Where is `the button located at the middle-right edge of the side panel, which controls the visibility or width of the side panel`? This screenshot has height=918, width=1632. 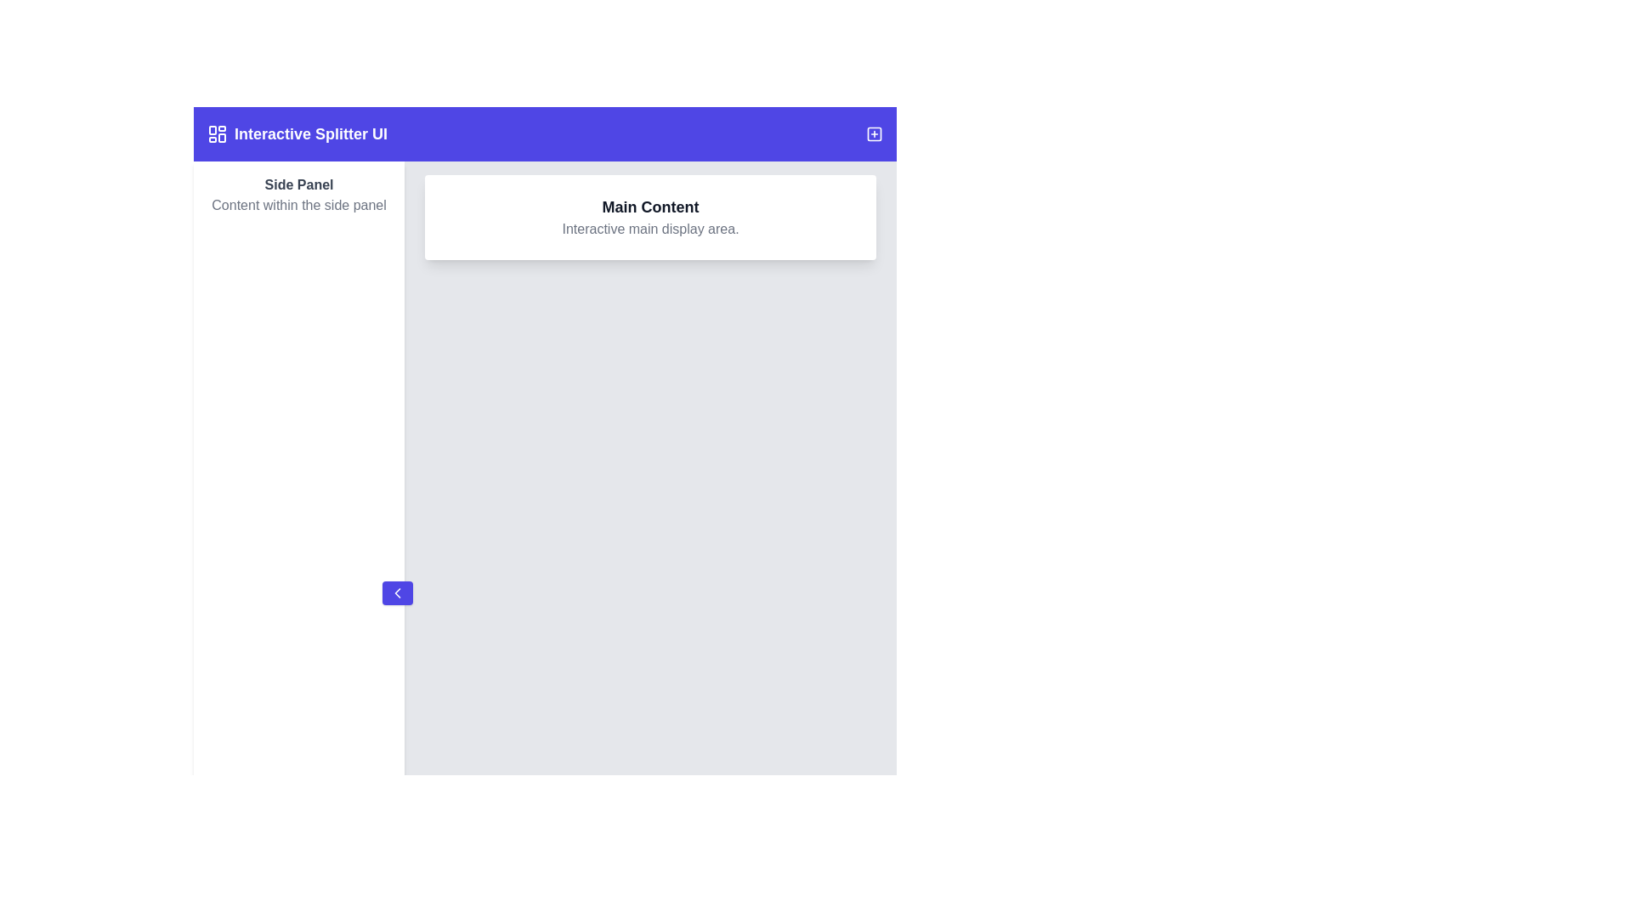 the button located at the middle-right edge of the side panel, which controls the visibility or width of the side panel is located at coordinates (396, 592).